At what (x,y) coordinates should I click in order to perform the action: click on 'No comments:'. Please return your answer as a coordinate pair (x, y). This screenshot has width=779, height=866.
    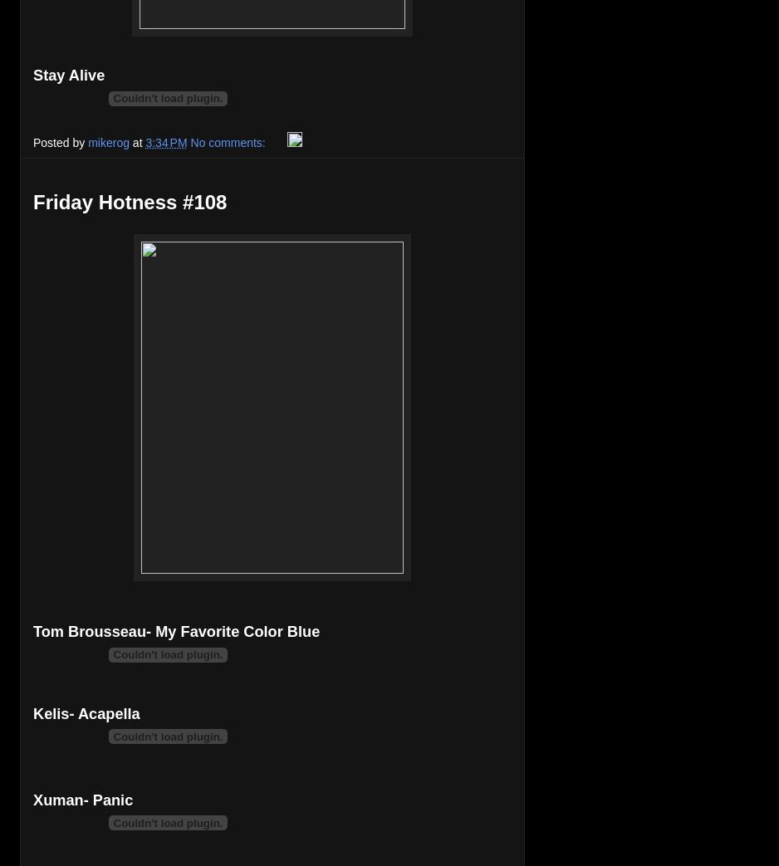
    Looking at the image, I should click on (189, 141).